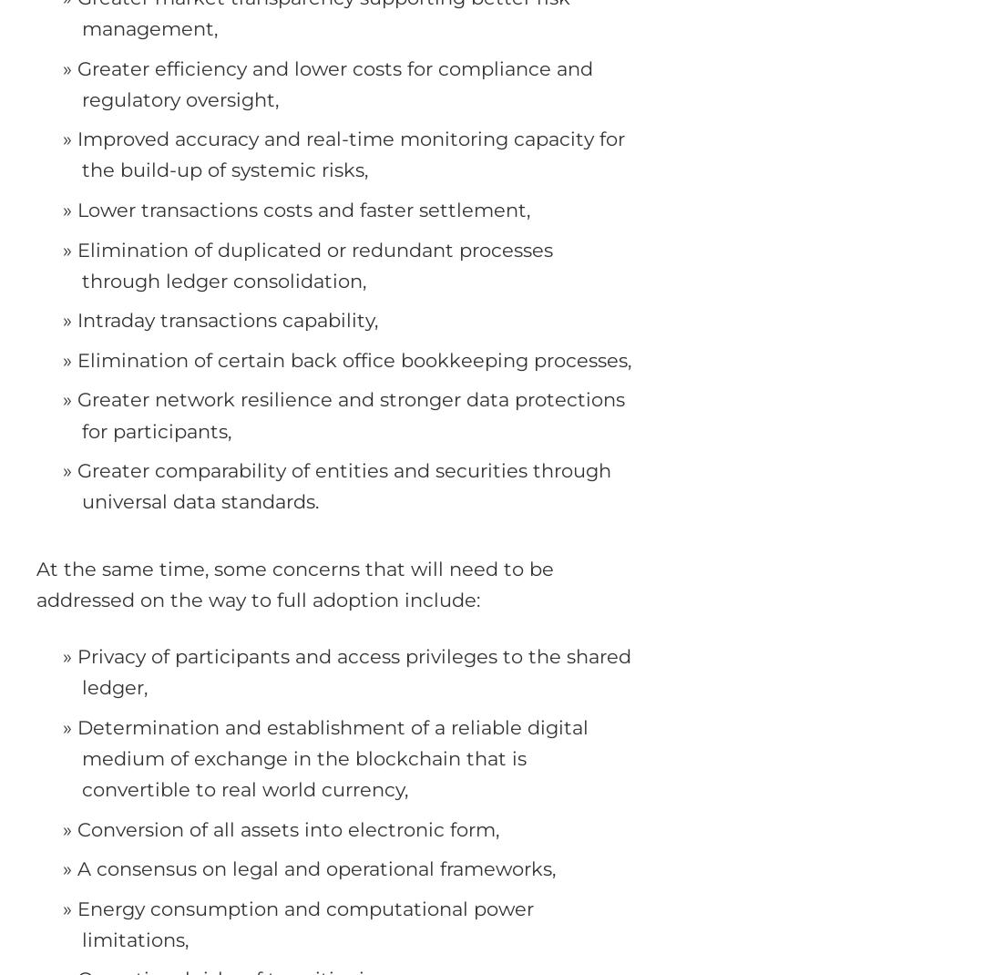  Describe the element at coordinates (304, 923) in the screenshot. I see `'Energy consumption and computational power limitations,'` at that location.